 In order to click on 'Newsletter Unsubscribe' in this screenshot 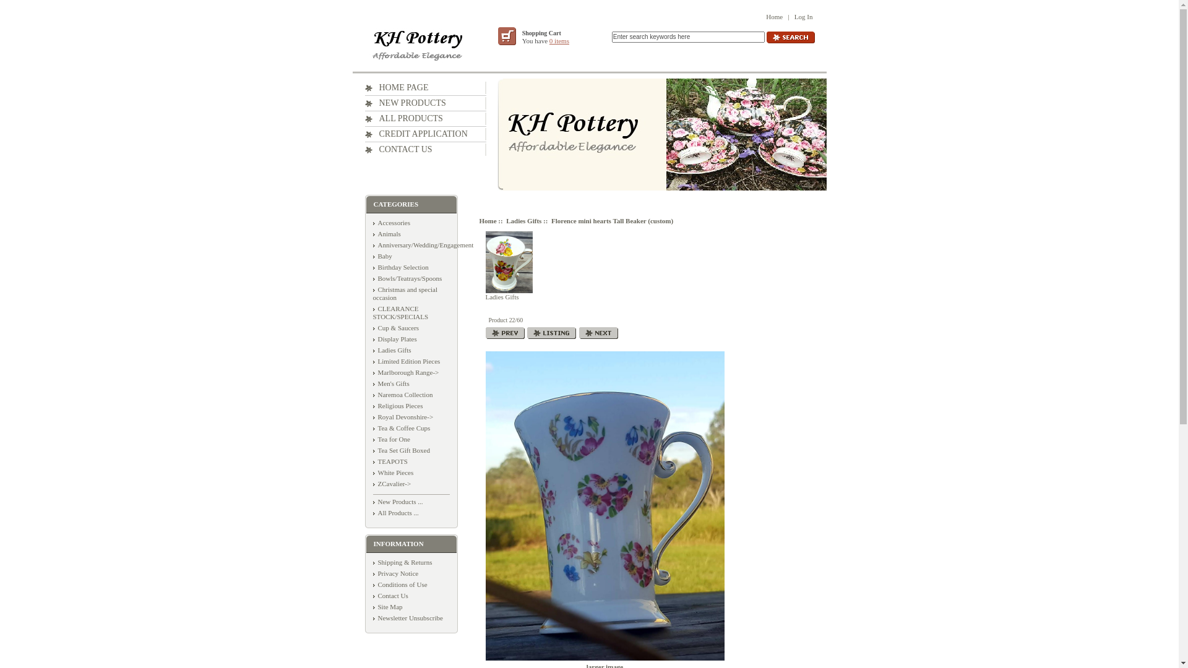, I will do `click(407, 618)`.